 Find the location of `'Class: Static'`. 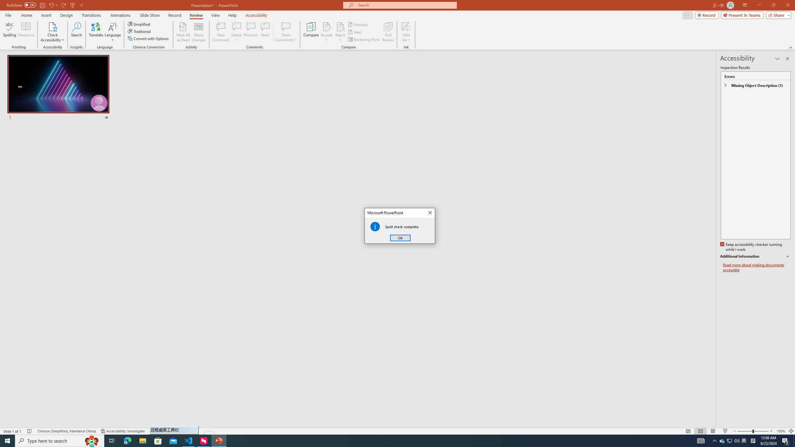

'Class: Static' is located at coordinates (375, 226).